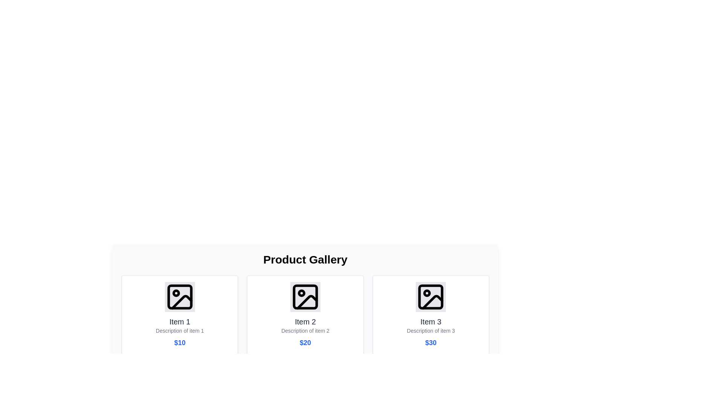 The image size is (723, 406). What do you see at coordinates (305, 297) in the screenshot?
I see `the appearance of the image placeholder located at the top center of the card labeled 'Item 2.'` at bounding box center [305, 297].